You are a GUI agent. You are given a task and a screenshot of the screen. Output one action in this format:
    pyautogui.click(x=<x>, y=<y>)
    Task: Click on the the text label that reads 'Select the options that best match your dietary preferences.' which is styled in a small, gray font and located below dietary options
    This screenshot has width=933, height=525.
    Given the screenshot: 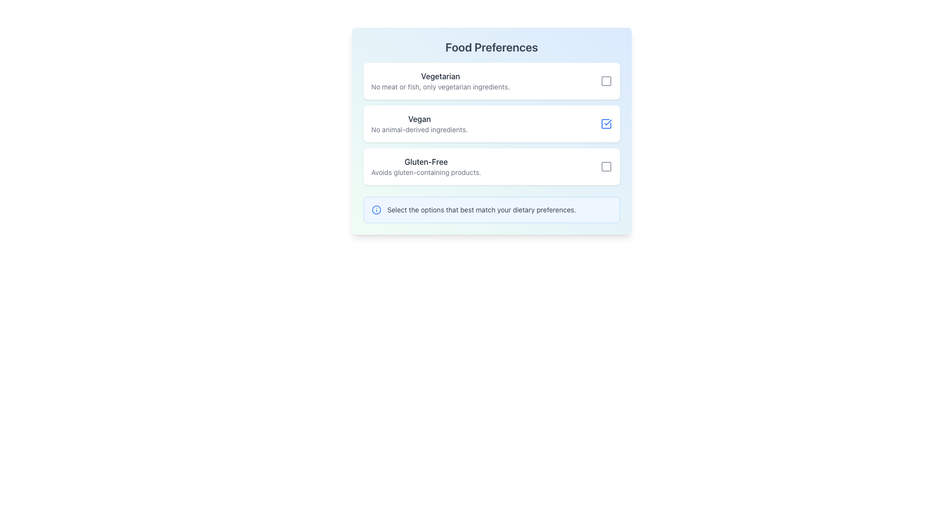 What is the action you would take?
    pyautogui.click(x=482, y=210)
    